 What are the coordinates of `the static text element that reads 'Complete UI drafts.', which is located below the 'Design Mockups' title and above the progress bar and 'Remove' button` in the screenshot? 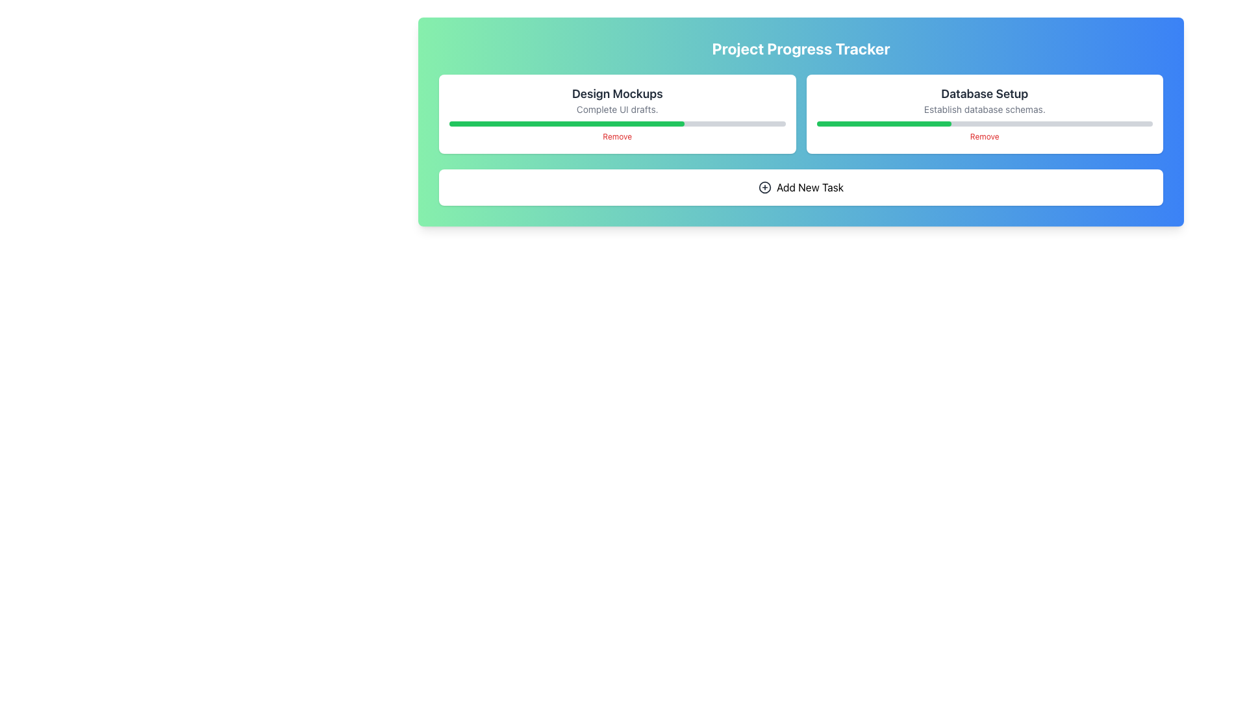 It's located at (616, 109).